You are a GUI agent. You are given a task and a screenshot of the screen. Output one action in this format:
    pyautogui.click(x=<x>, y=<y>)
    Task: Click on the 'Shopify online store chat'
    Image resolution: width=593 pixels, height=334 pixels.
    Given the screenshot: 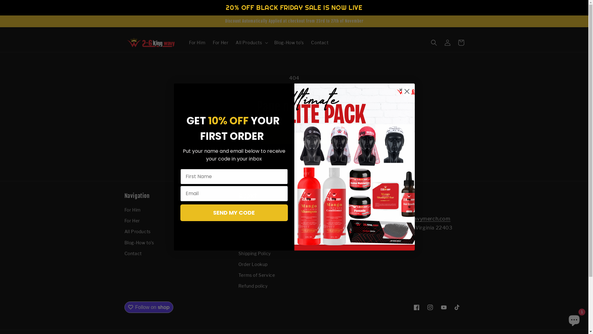 What is the action you would take?
    pyautogui.click(x=574, y=318)
    